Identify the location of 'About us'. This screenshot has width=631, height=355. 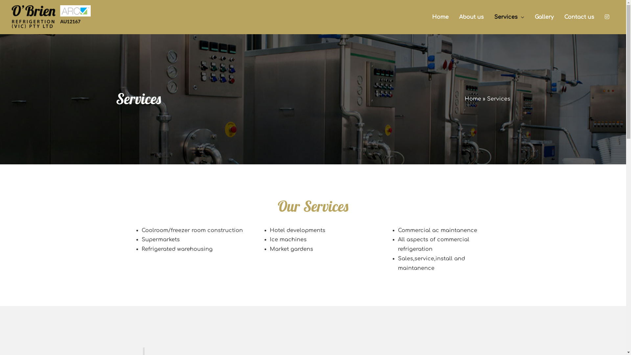
(471, 16).